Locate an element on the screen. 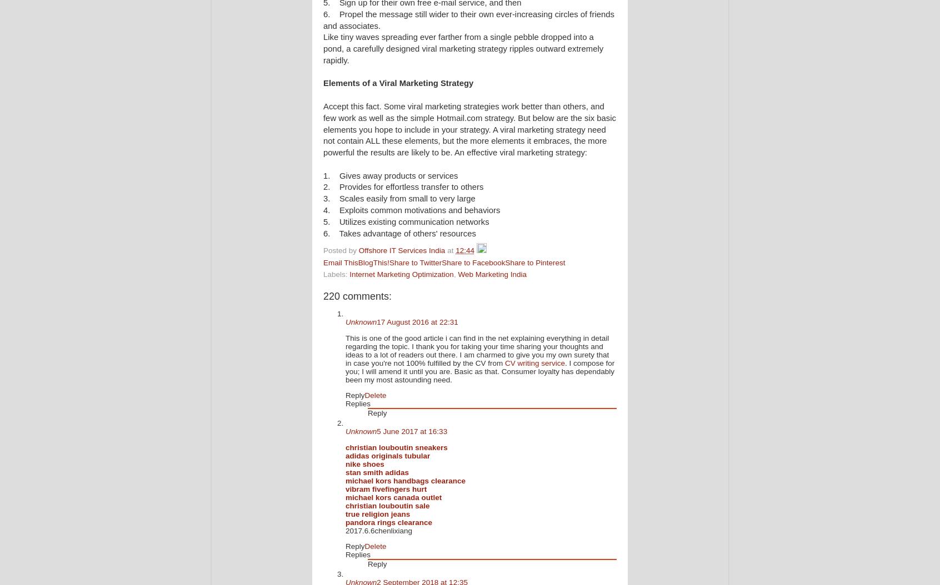 The width and height of the screenshot is (940, 585). '2.    Provides for effortless transfer to others' is located at coordinates (403, 186).